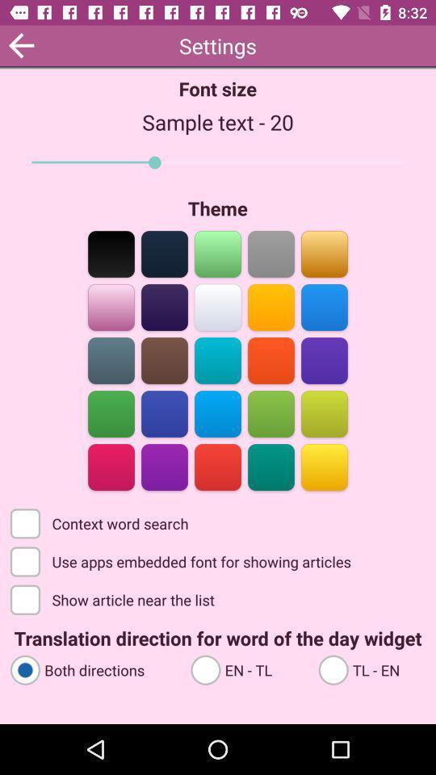 This screenshot has width=436, height=775. I want to click on theme color option, so click(324, 412).